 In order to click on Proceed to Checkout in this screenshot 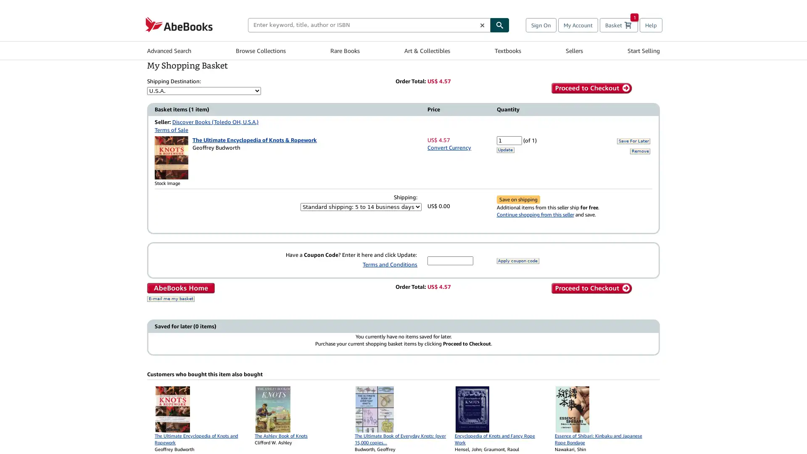, I will do `click(591, 288)`.